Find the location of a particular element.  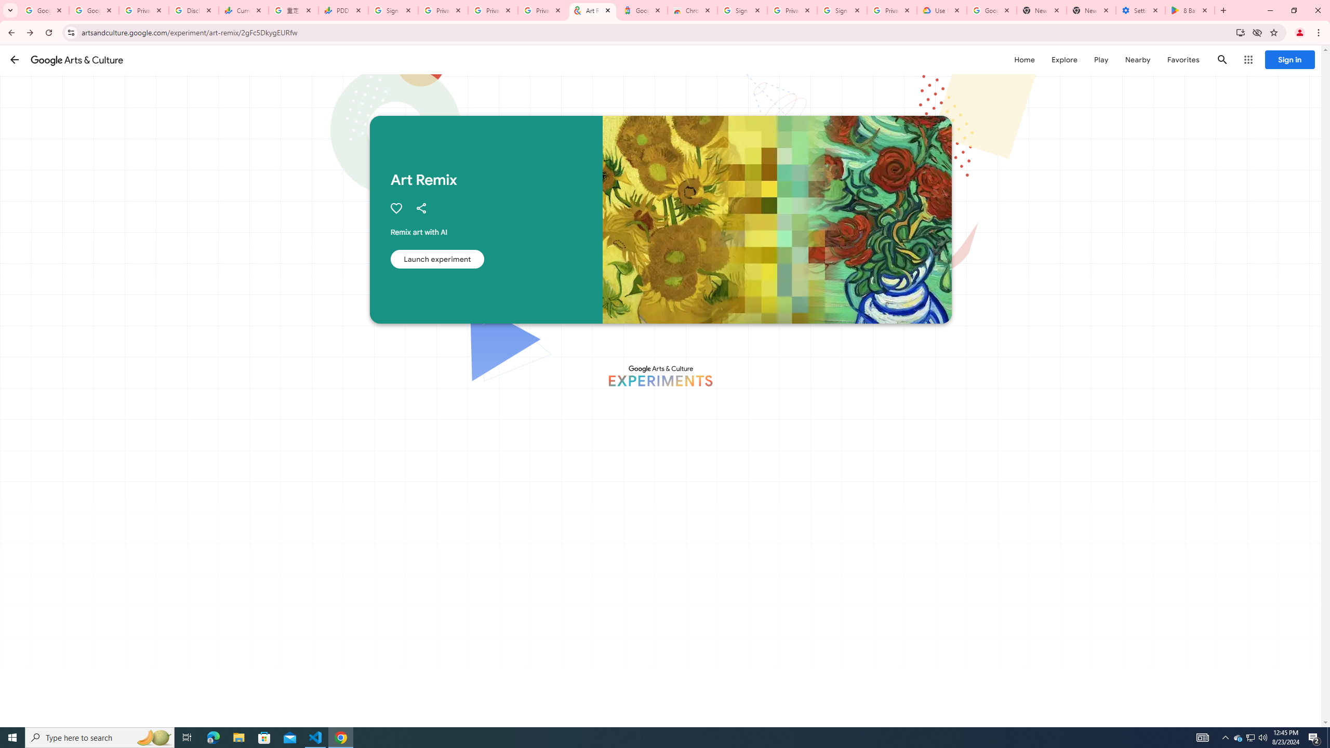

'Launch experiment' is located at coordinates (436, 258).